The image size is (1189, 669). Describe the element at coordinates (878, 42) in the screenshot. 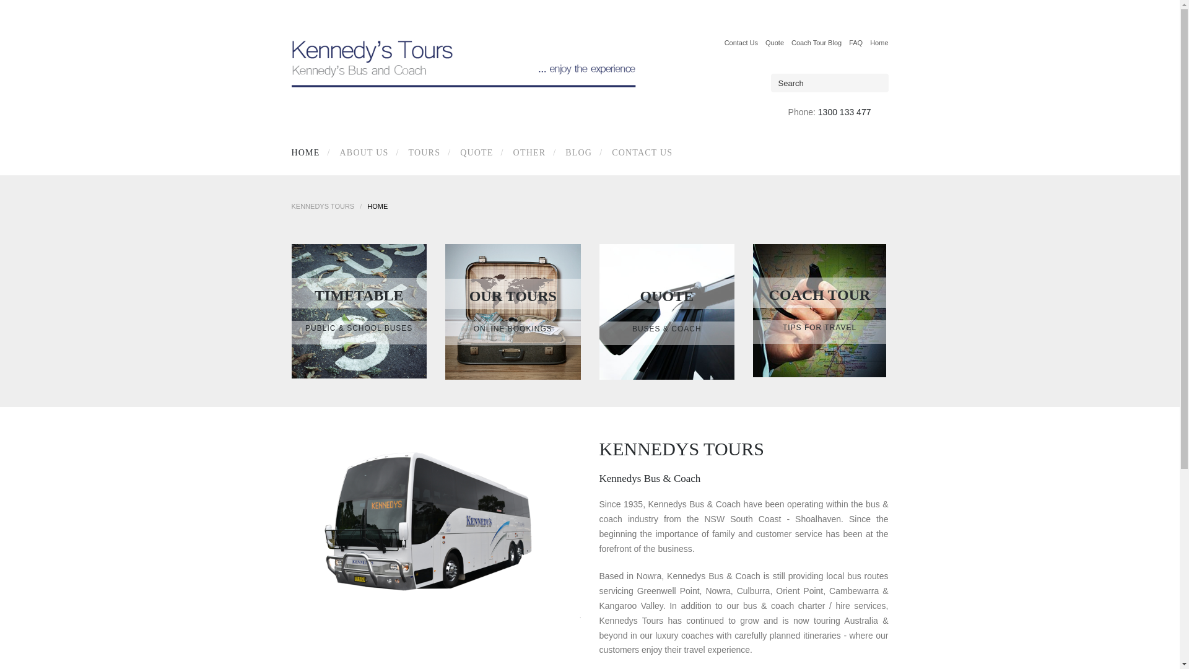

I see `'Home'` at that location.